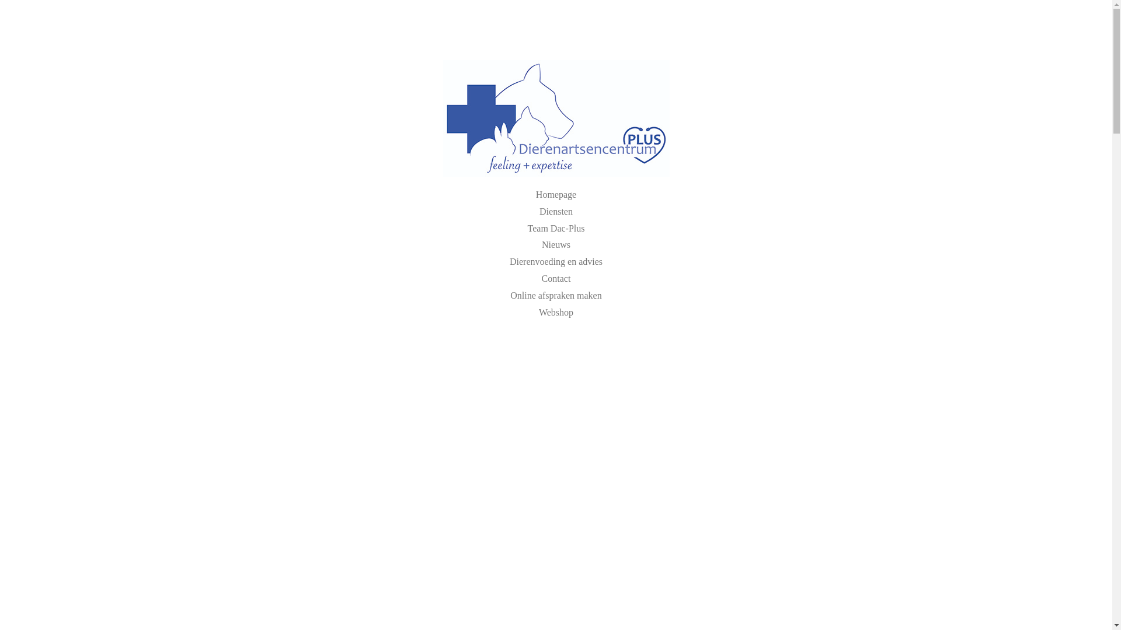 The width and height of the screenshot is (1121, 630). I want to click on 'Diensten', so click(555, 211).